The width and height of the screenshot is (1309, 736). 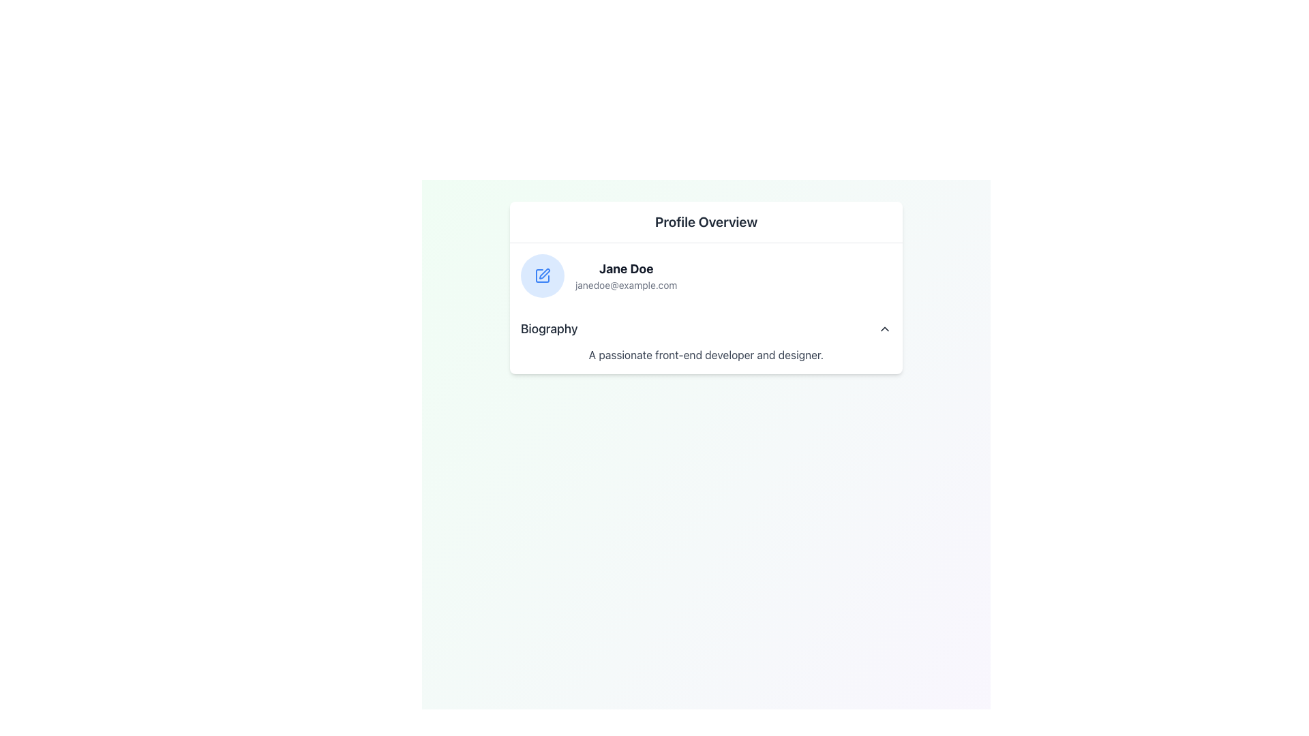 I want to click on the upward-pointing chevron icon located at the far right side of the 'Biography' section header, so click(x=884, y=328).